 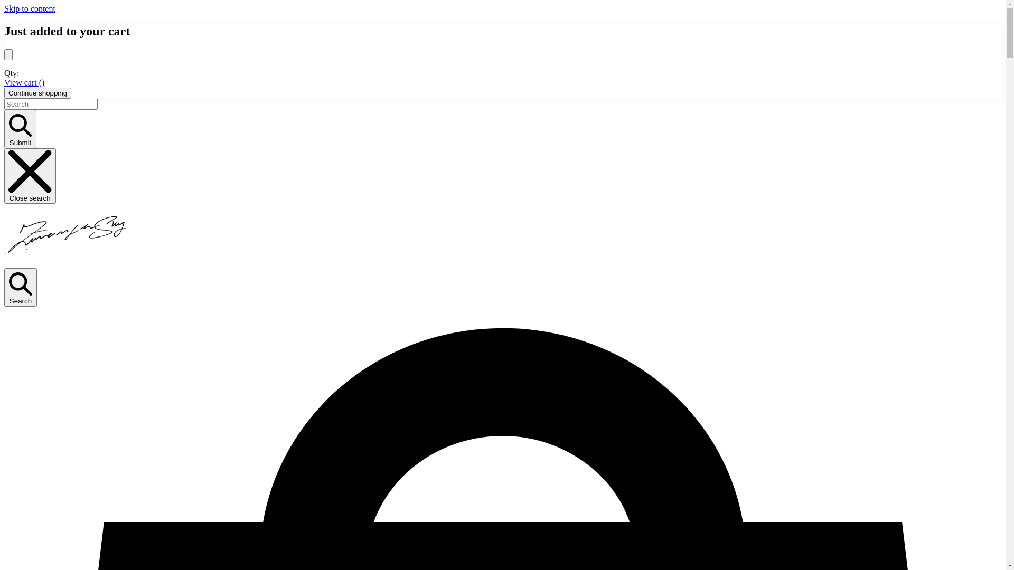 What do you see at coordinates (20, 287) in the screenshot?
I see `'Search'` at bounding box center [20, 287].